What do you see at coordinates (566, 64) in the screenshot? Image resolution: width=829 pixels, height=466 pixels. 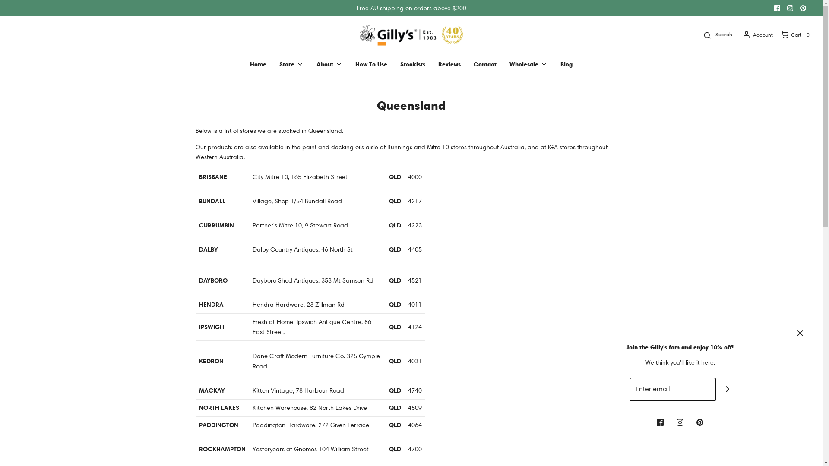 I see `'Blog'` at bounding box center [566, 64].